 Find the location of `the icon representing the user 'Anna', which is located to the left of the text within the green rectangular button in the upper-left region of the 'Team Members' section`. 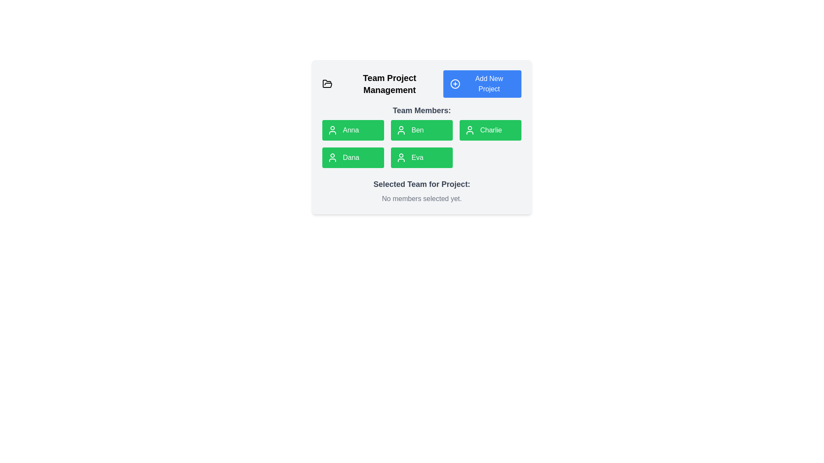

the icon representing the user 'Anna', which is located to the left of the text within the green rectangular button in the upper-left region of the 'Team Members' section is located at coordinates (332, 130).